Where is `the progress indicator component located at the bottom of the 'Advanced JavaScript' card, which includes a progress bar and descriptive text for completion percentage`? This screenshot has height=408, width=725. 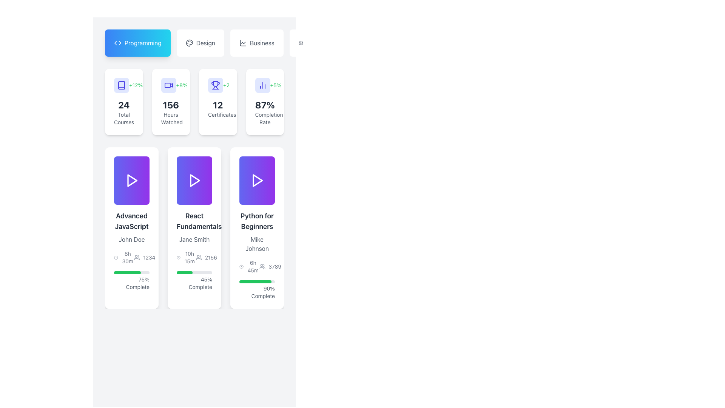
the progress indicator component located at the bottom of the 'Advanced JavaScript' card, which includes a progress bar and descriptive text for completion percentage is located at coordinates (132, 281).